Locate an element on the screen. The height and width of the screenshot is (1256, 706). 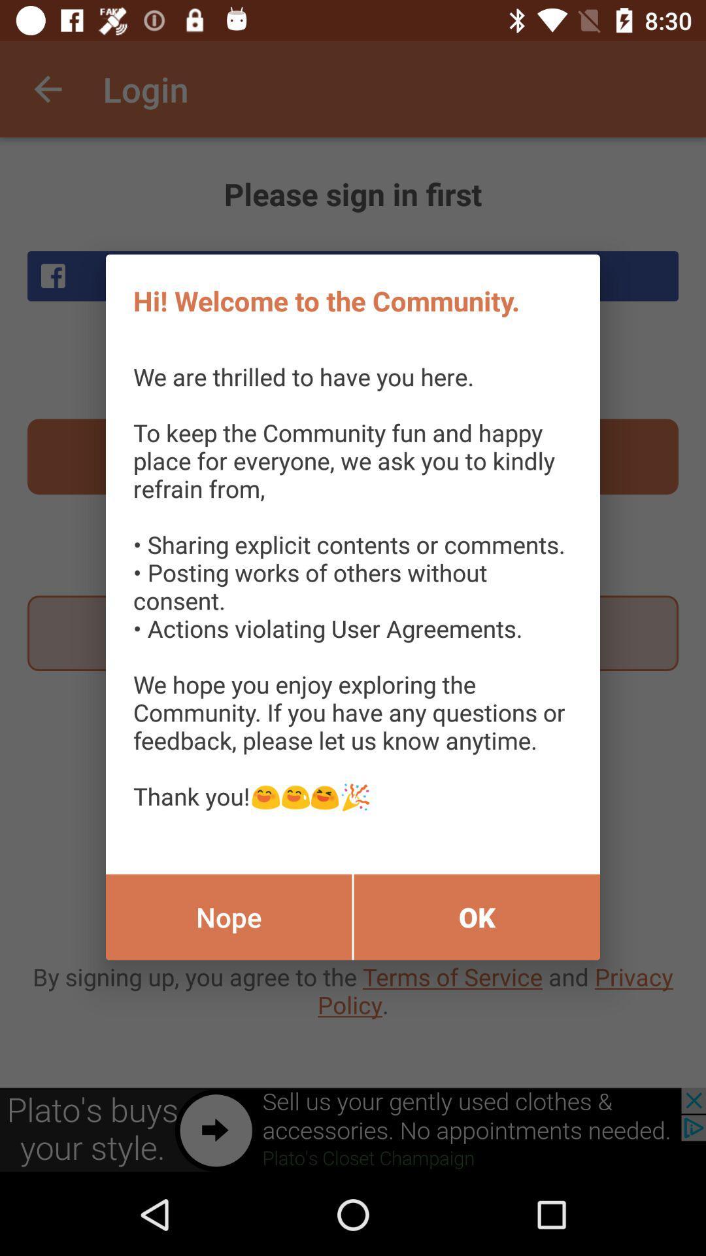
nope icon is located at coordinates (228, 916).